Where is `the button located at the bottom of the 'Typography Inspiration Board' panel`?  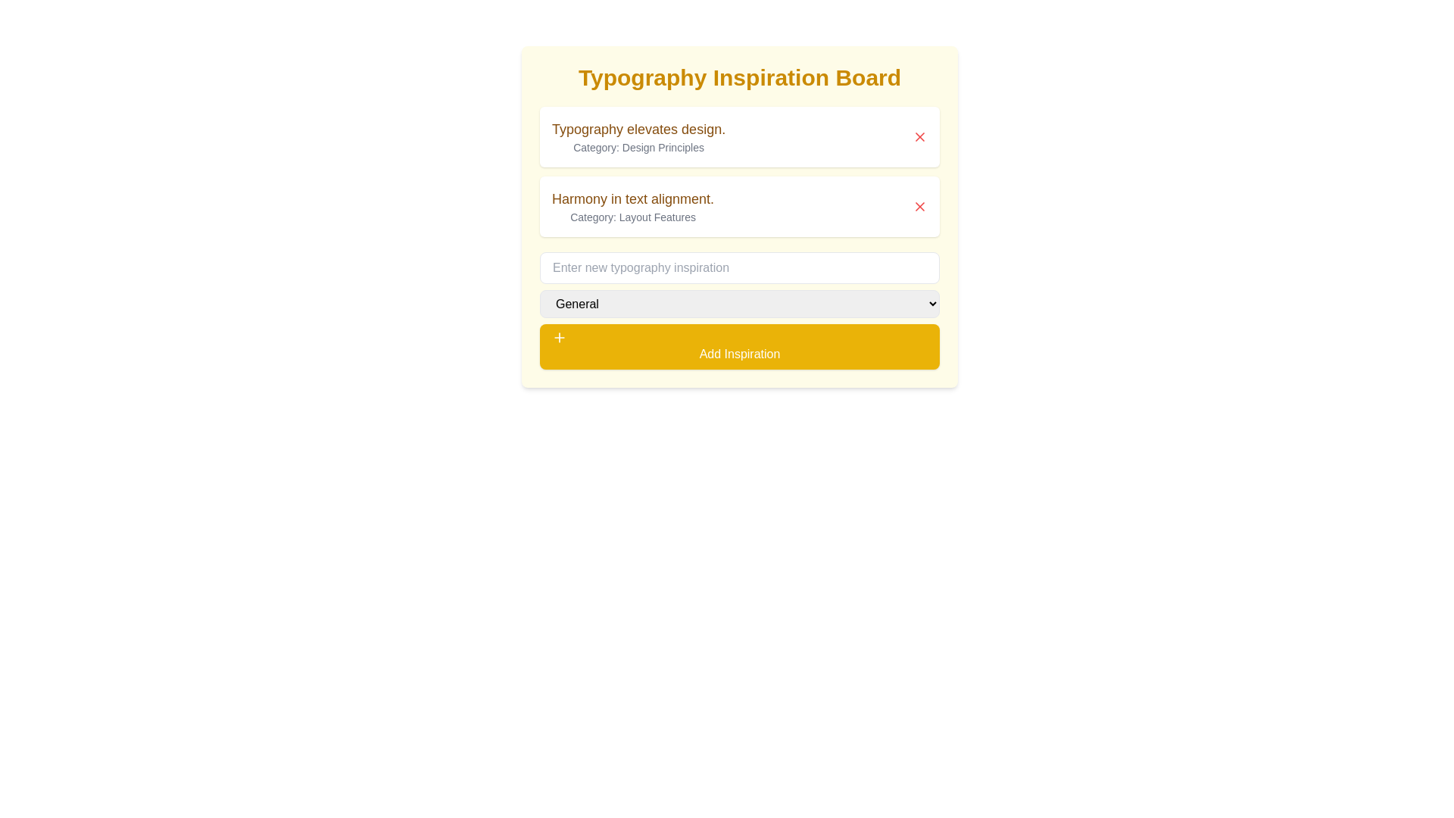
the button located at the bottom of the 'Typography Inspiration Board' panel is located at coordinates (740, 347).